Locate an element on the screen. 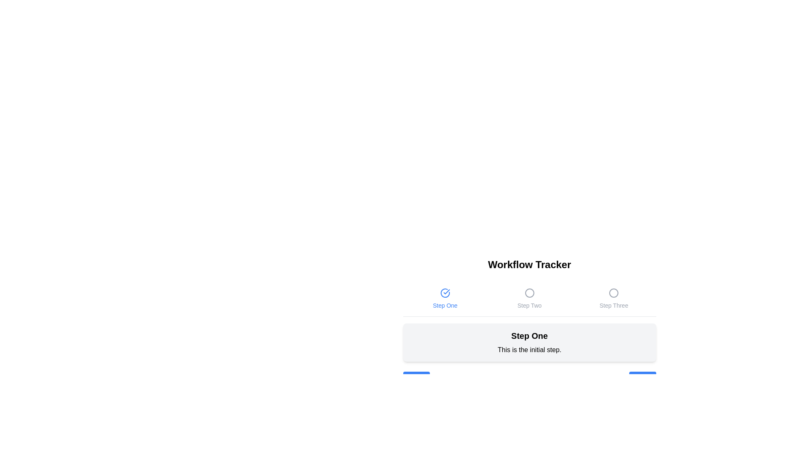  the 'Step Two' icon indicator, which is a circular outline without a fill, located in the sequence of three step indicators at the top section of the interface is located at coordinates (529, 293).